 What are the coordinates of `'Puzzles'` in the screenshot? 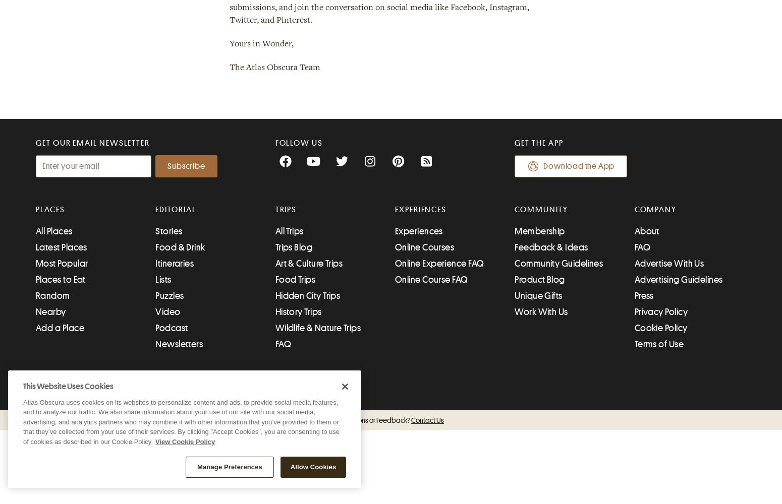 It's located at (169, 295).